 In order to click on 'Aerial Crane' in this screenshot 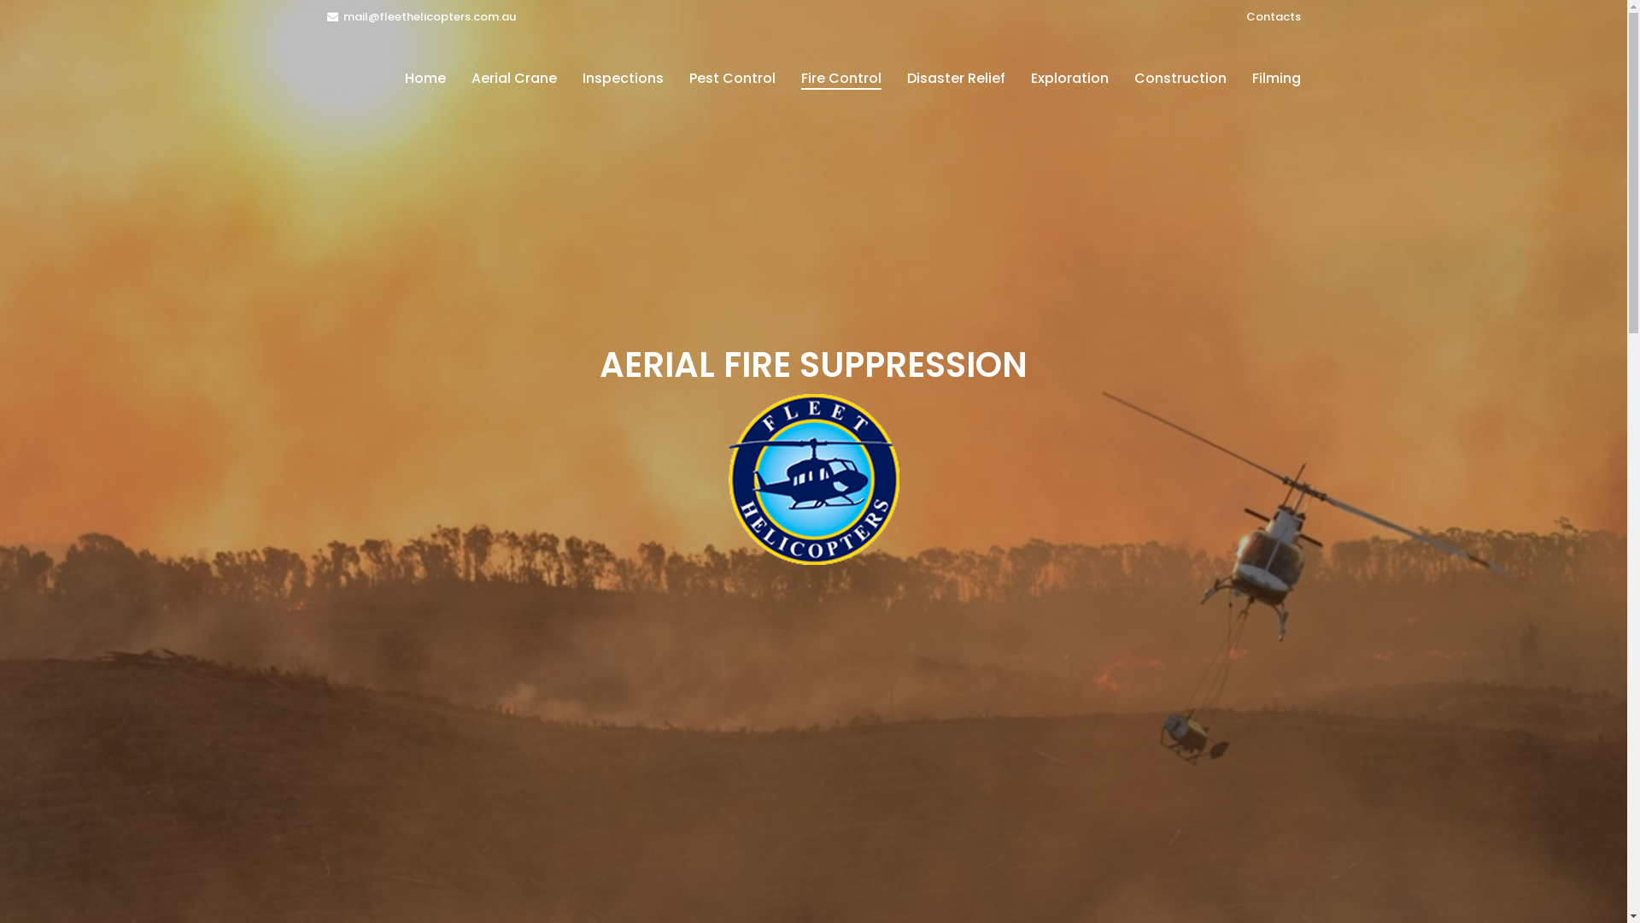, I will do `click(512, 79)`.